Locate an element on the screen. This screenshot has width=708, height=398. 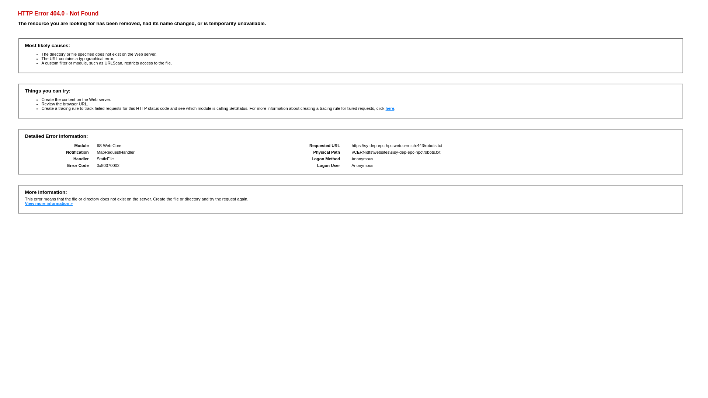
'here' is located at coordinates (389, 108).